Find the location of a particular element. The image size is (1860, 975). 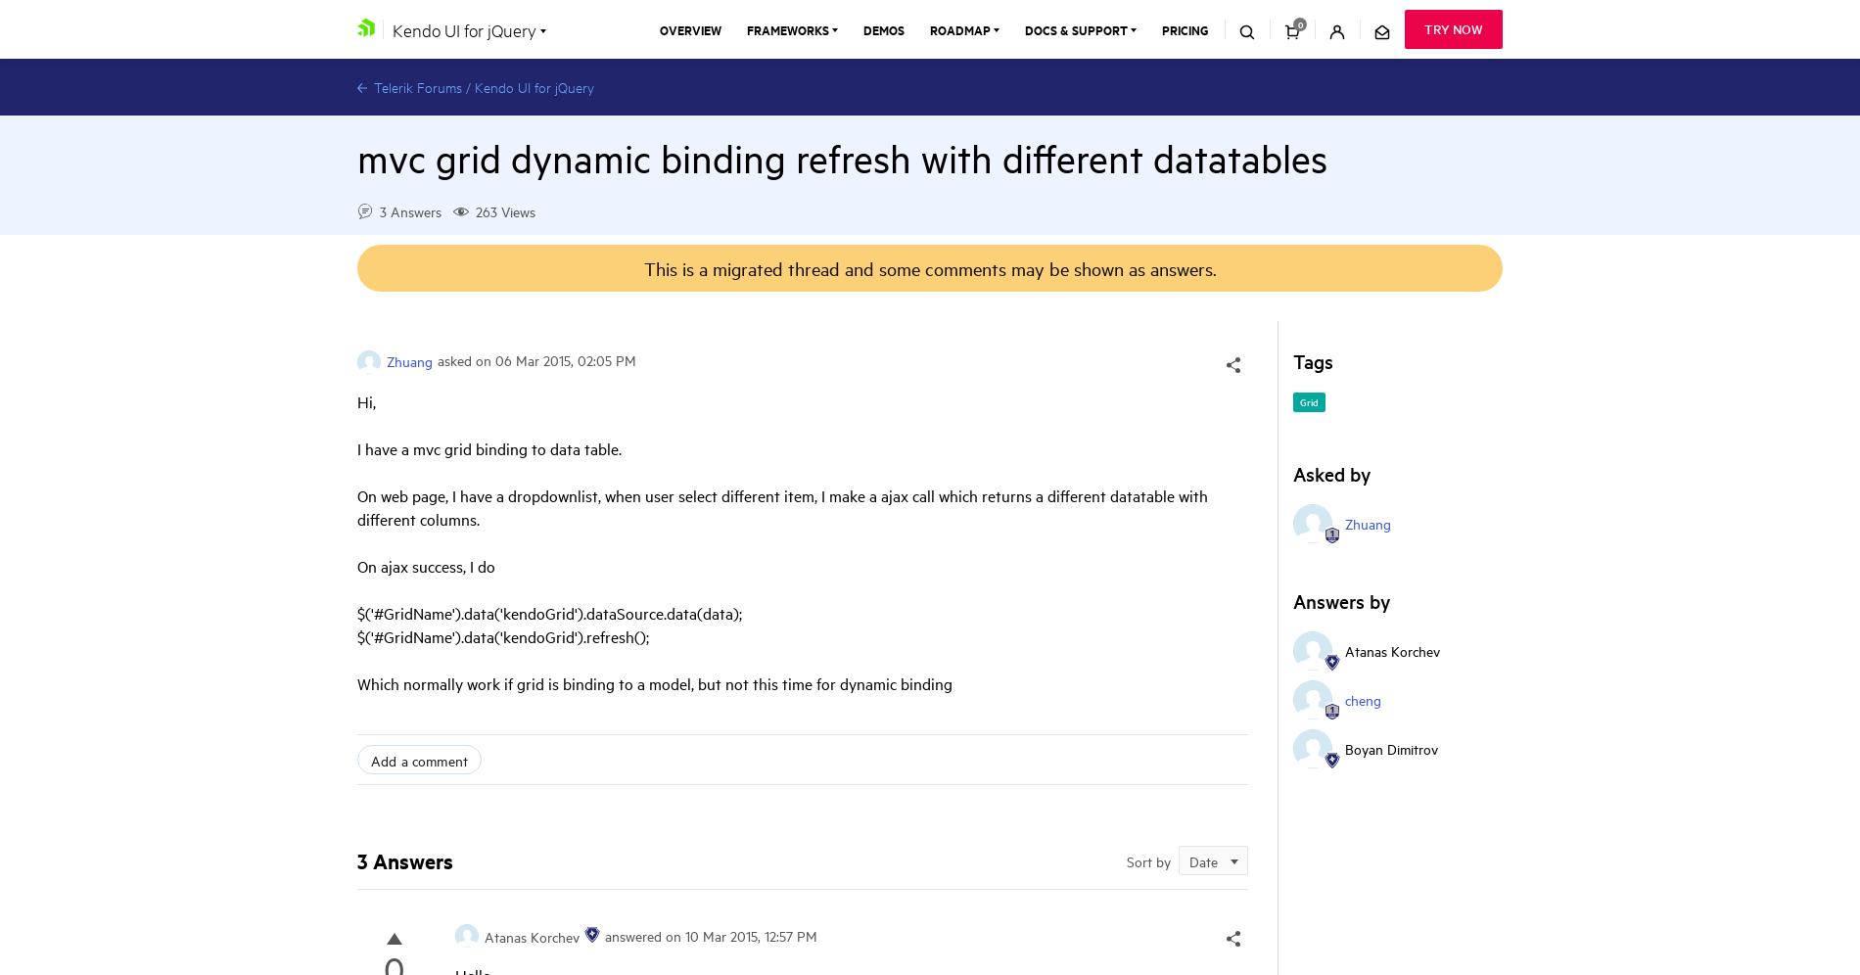

'Grid' is located at coordinates (1308, 399).